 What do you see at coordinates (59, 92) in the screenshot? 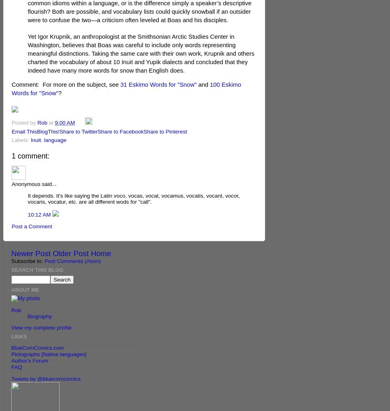
I see `'?'` at bounding box center [59, 92].